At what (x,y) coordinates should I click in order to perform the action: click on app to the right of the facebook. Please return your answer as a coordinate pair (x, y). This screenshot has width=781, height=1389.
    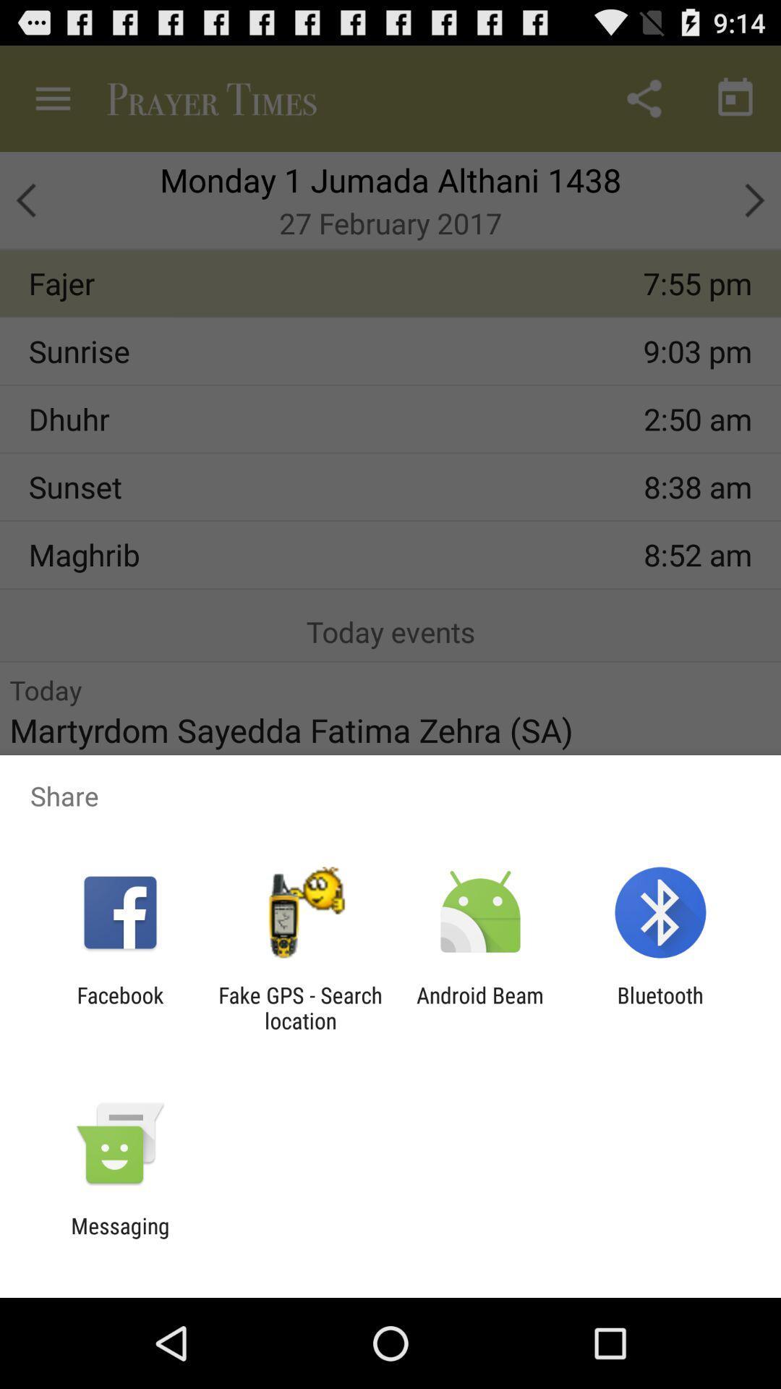
    Looking at the image, I should click on (299, 1007).